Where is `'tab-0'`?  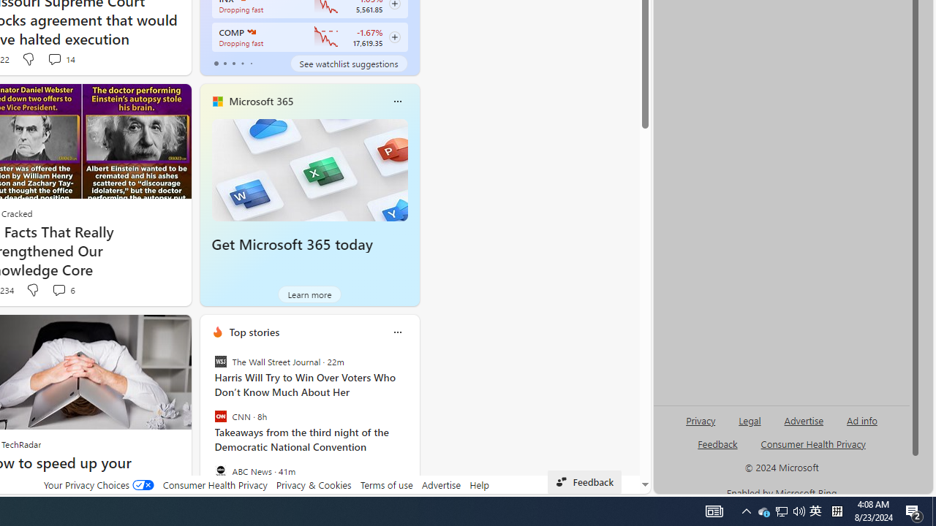 'tab-0' is located at coordinates (215, 63).